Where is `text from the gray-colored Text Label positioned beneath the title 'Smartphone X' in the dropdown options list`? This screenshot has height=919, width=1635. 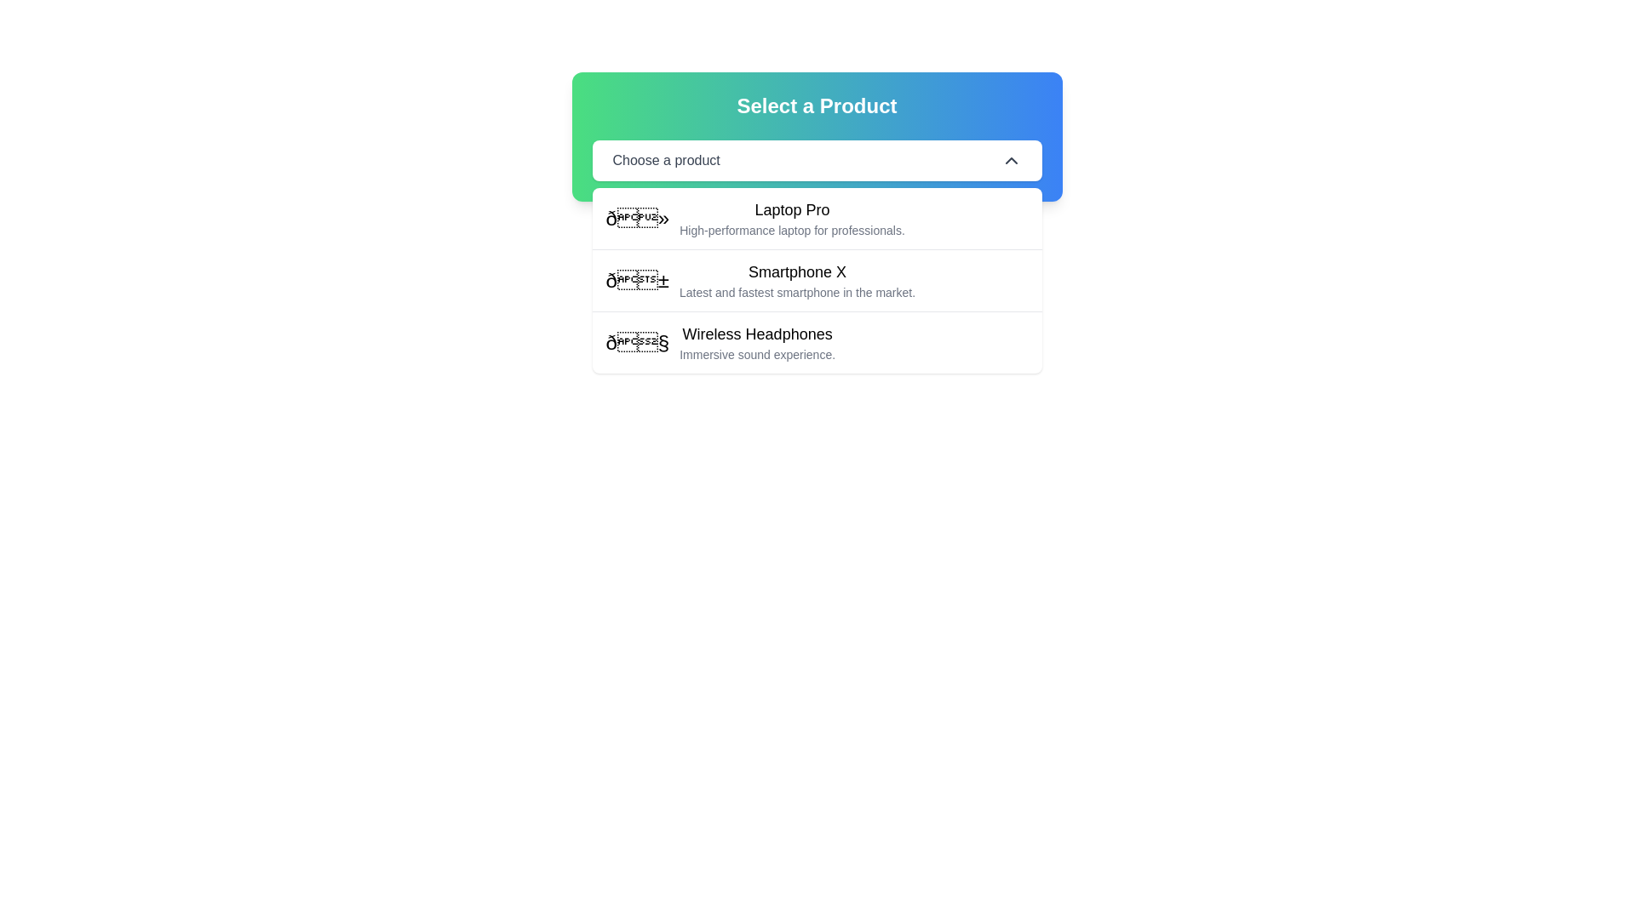
text from the gray-colored Text Label positioned beneath the title 'Smartphone X' in the dropdown options list is located at coordinates (796, 291).